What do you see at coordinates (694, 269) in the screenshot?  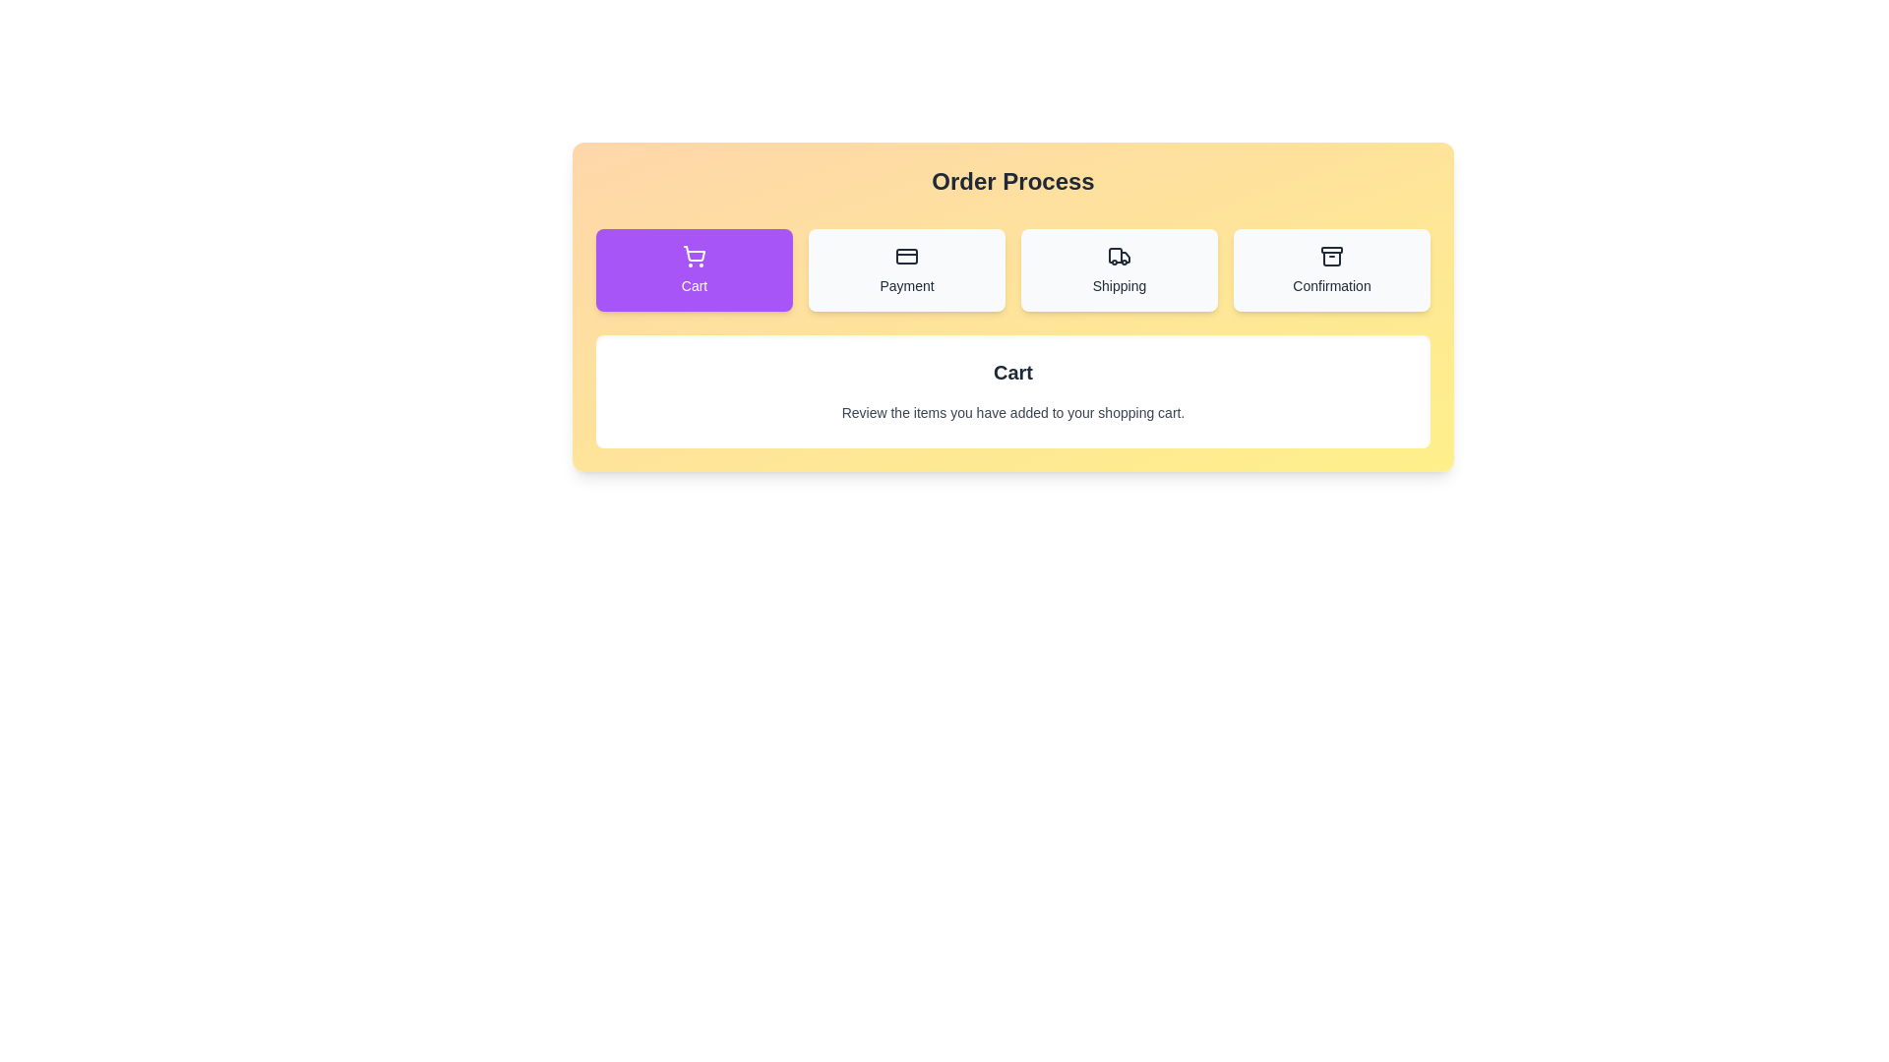 I see `the text 'Cart' to select it` at bounding box center [694, 269].